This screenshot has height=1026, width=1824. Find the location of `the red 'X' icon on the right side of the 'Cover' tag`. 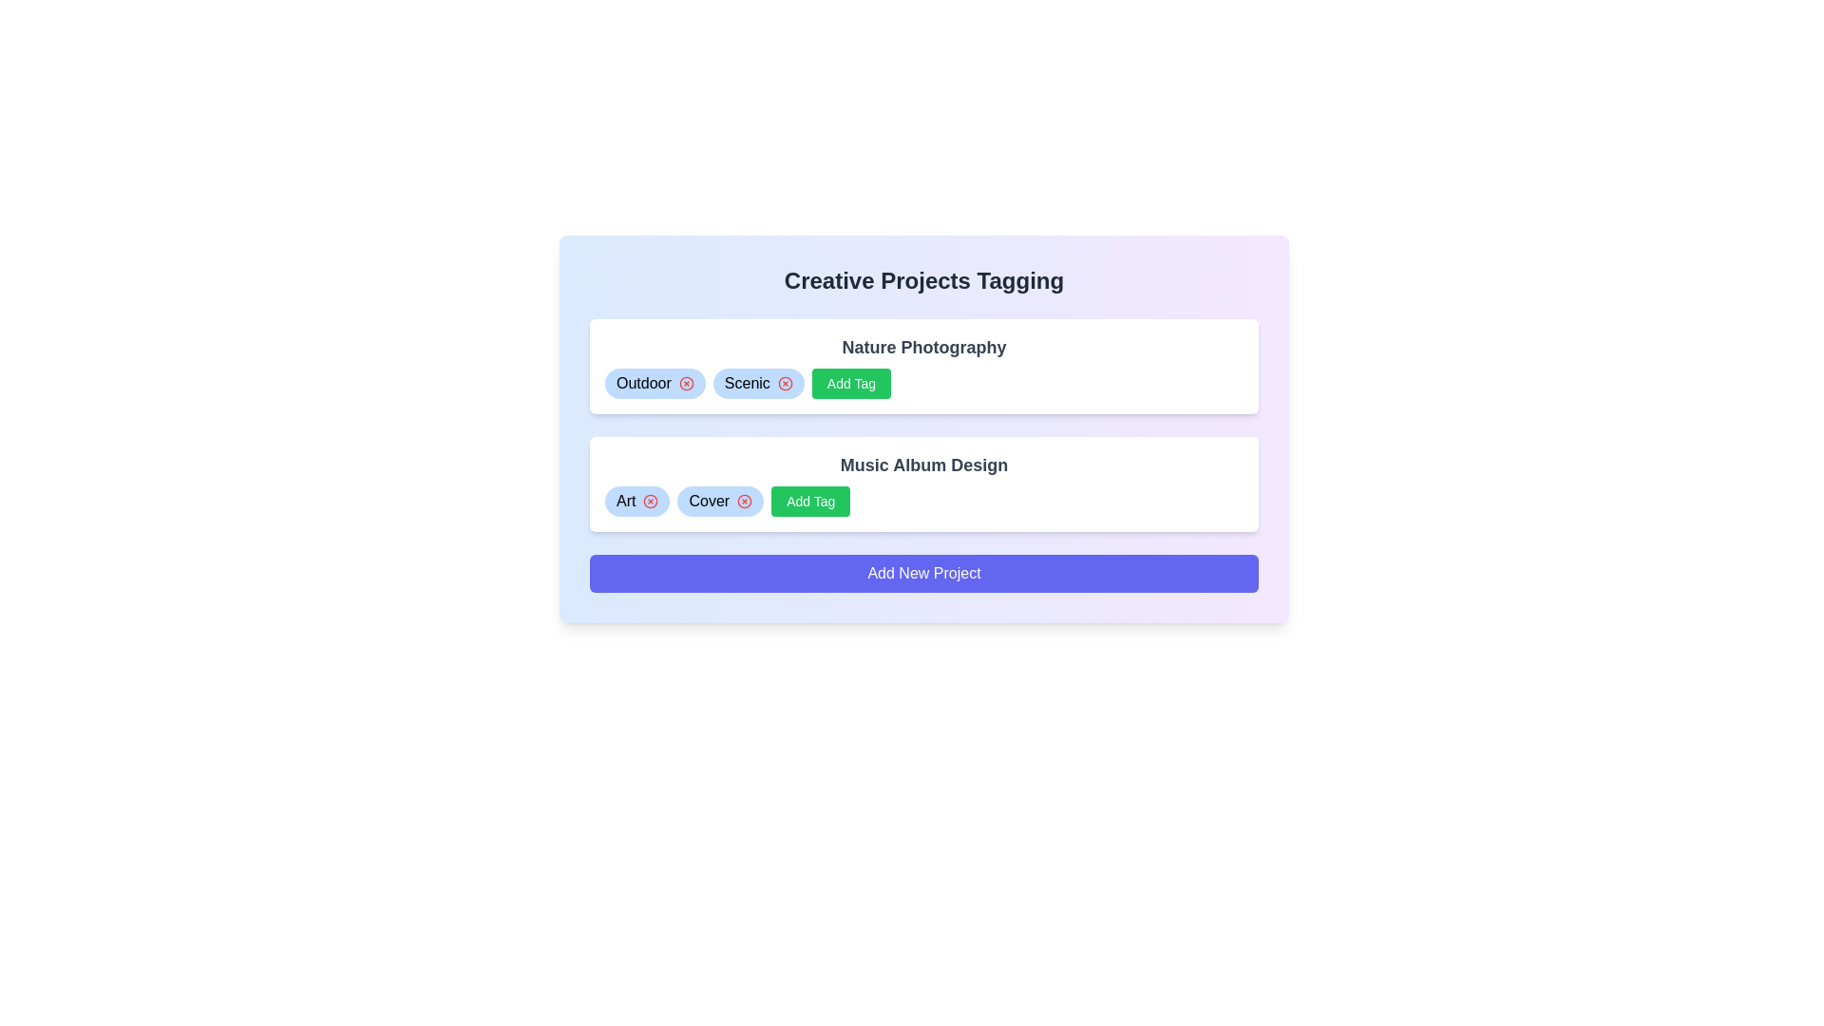

the red 'X' icon on the right side of the 'Cover' tag is located at coordinates (719, 501).